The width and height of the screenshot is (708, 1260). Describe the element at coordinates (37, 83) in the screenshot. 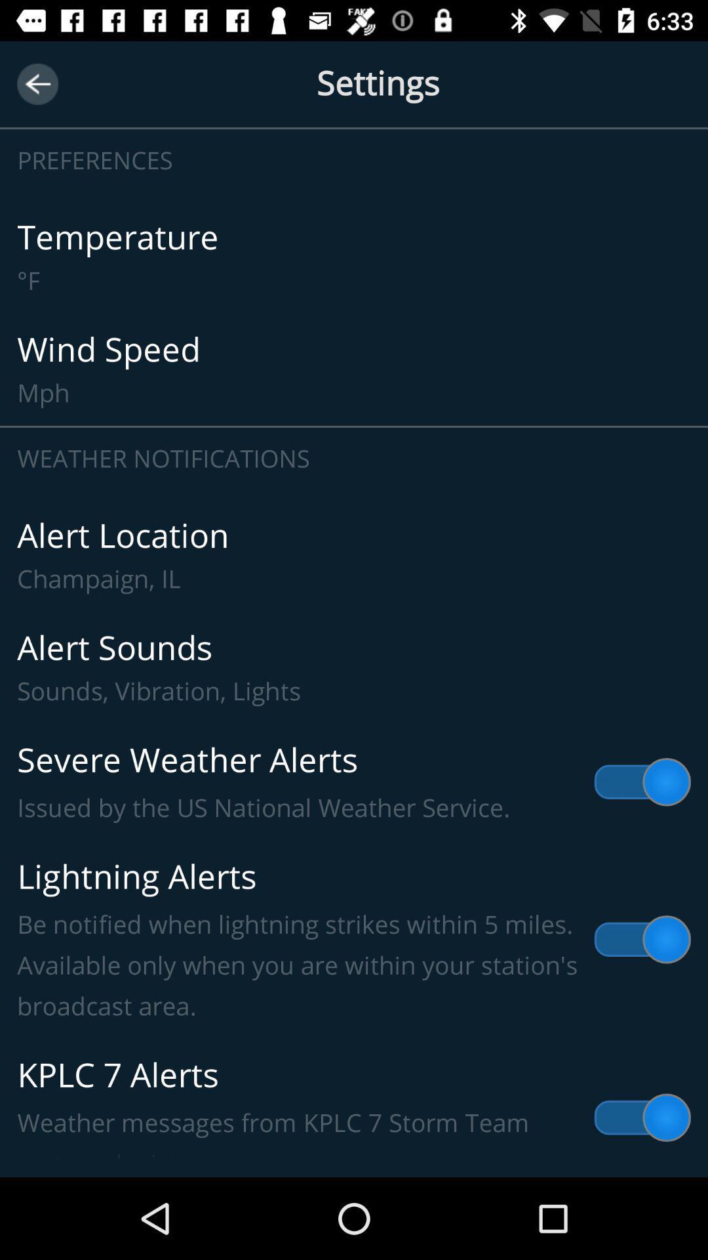

I see `the arrow_backward icon` at that location.